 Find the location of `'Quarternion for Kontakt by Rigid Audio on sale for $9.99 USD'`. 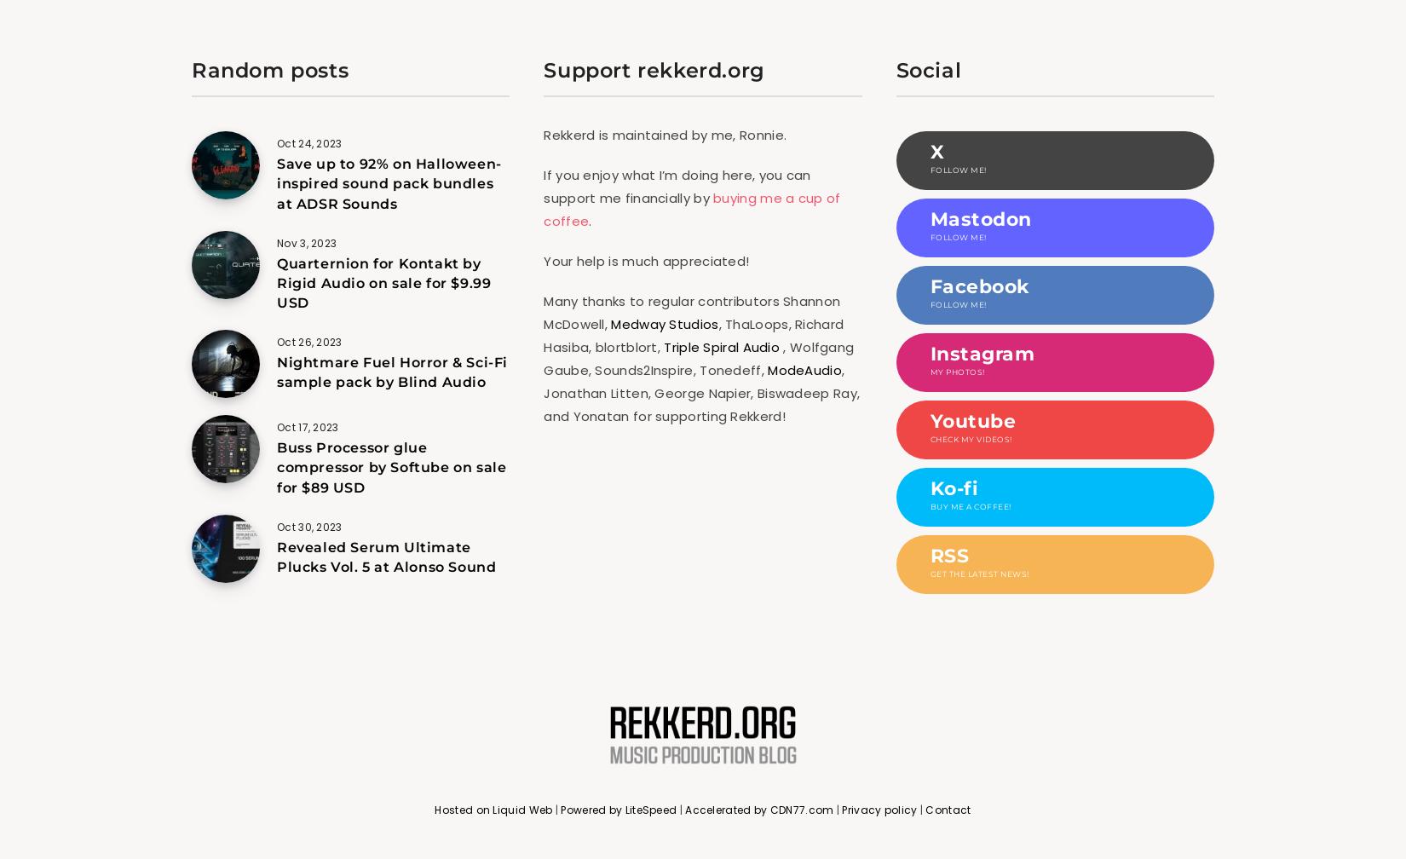

'Quarternion for Kontakt by Rigid Audio on sale for $9.99 USD' is located at coordinates (277, 283).